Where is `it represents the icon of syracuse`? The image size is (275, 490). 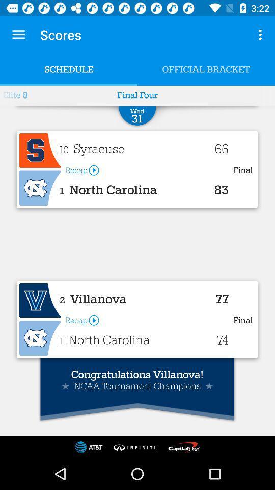 it represents the icon of syracuse is located at coordinates (39, 150).